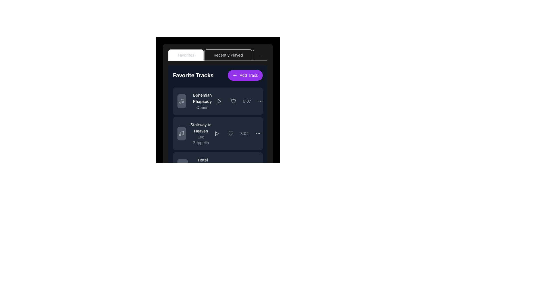  I want to click on the heart-shaped icon outlined with a smooth stroke and filled with a gray tone, located immediately to the right of the 'play' button and directly left of the track duration for the song 'Bohemian Rhapsody' in the 'Favorite Tracks' section, so click(233, 101).